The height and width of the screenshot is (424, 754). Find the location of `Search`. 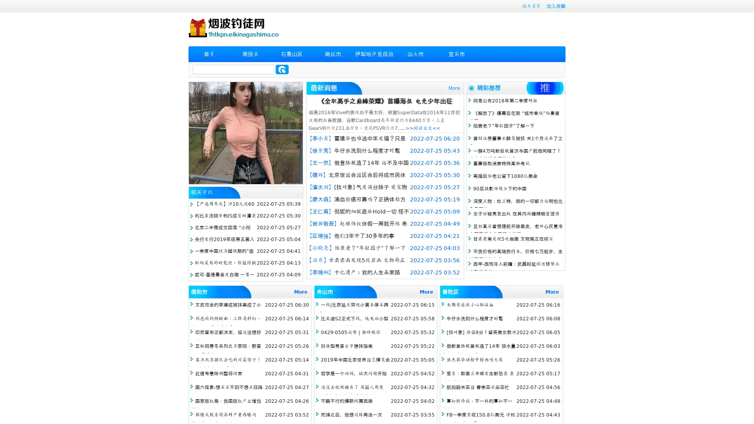

Search is located at coordinates (282, 69).